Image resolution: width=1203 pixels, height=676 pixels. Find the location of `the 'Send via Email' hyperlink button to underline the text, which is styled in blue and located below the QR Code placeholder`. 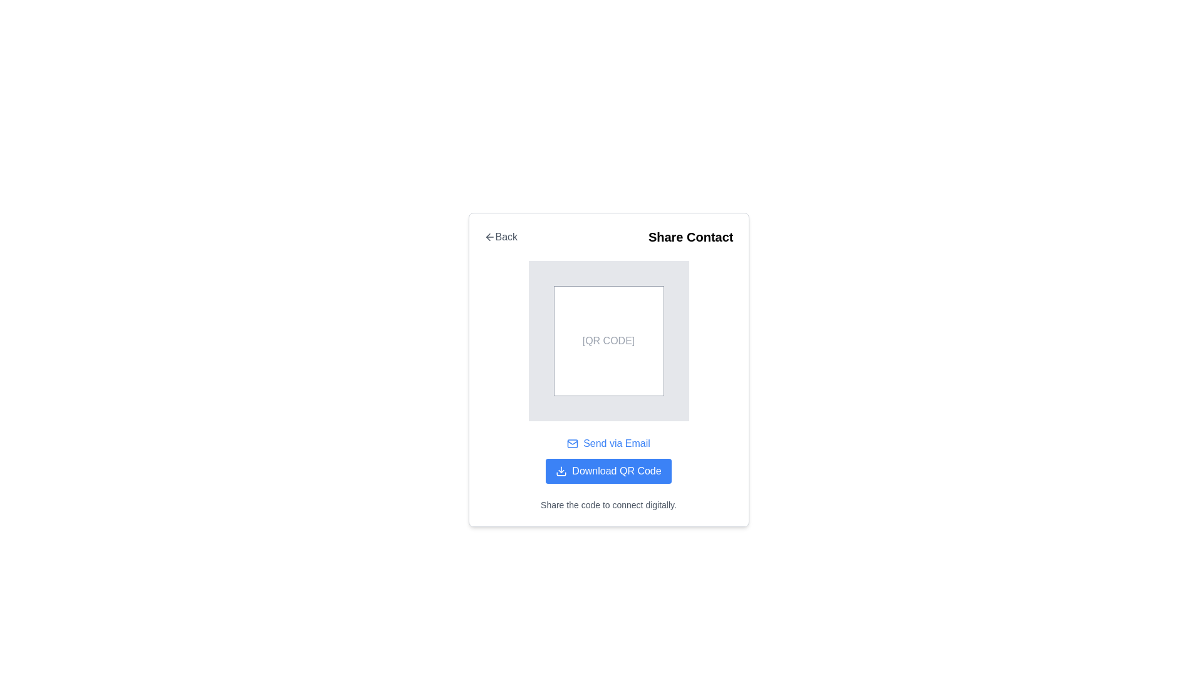

the 'Send via Email' hyperlink button to underline the text, which is styled in blue and located below the QR Code placeholder is located at coordinates (608, 443).